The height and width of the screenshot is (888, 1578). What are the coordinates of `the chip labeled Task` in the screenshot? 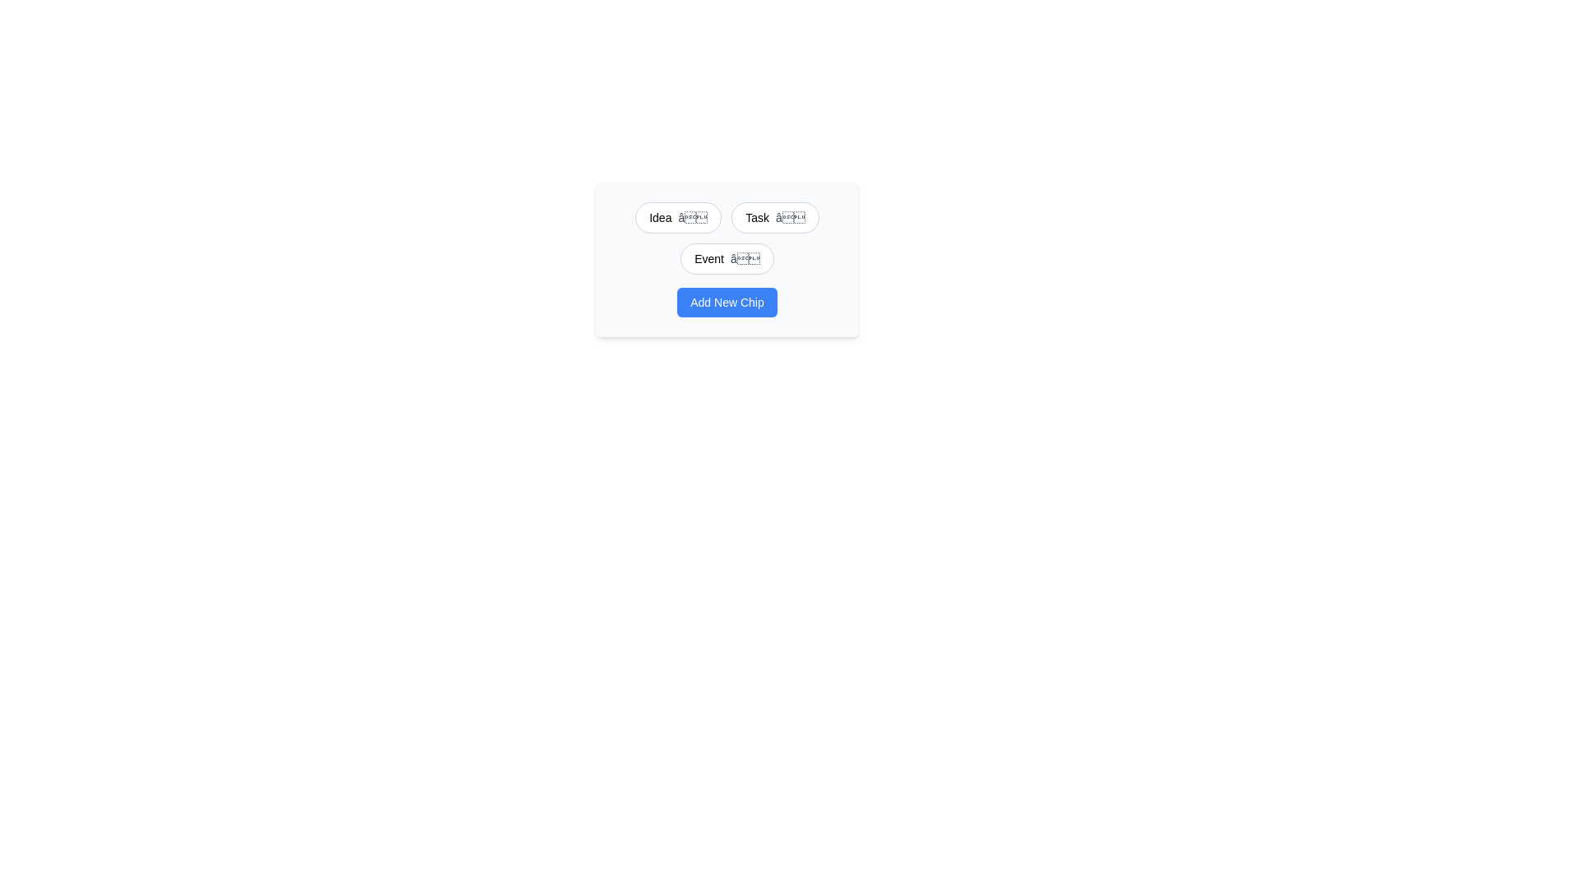 It's located at (756, 217).